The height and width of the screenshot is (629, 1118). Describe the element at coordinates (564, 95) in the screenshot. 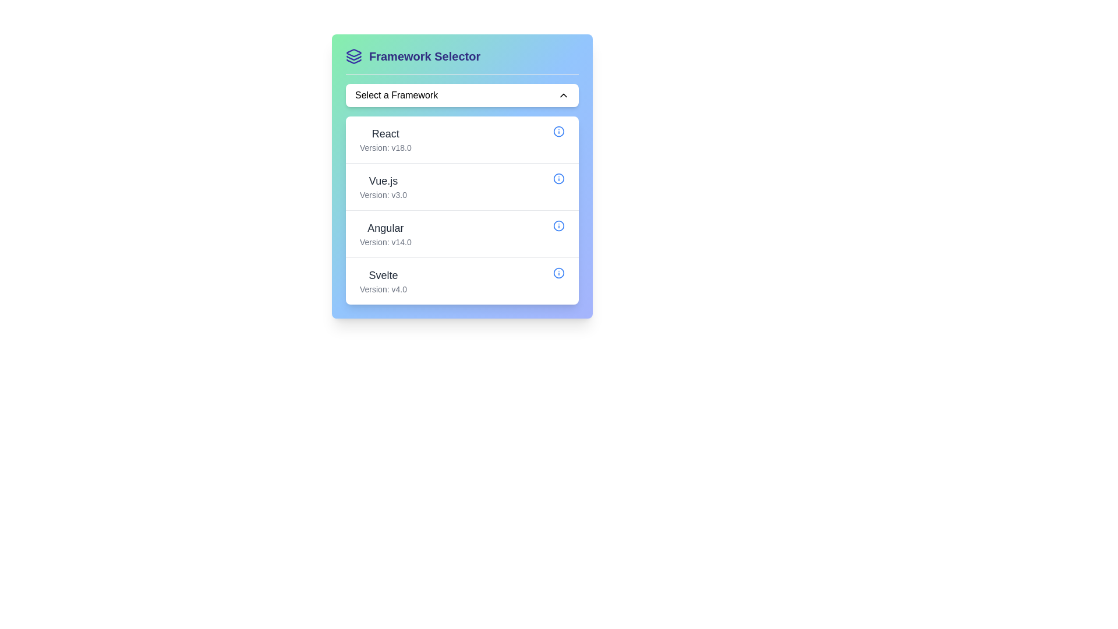

I see `the state of the chevron-shaped icon within the 'Select a Framework' dropdown button to understand the menu status` at that location.